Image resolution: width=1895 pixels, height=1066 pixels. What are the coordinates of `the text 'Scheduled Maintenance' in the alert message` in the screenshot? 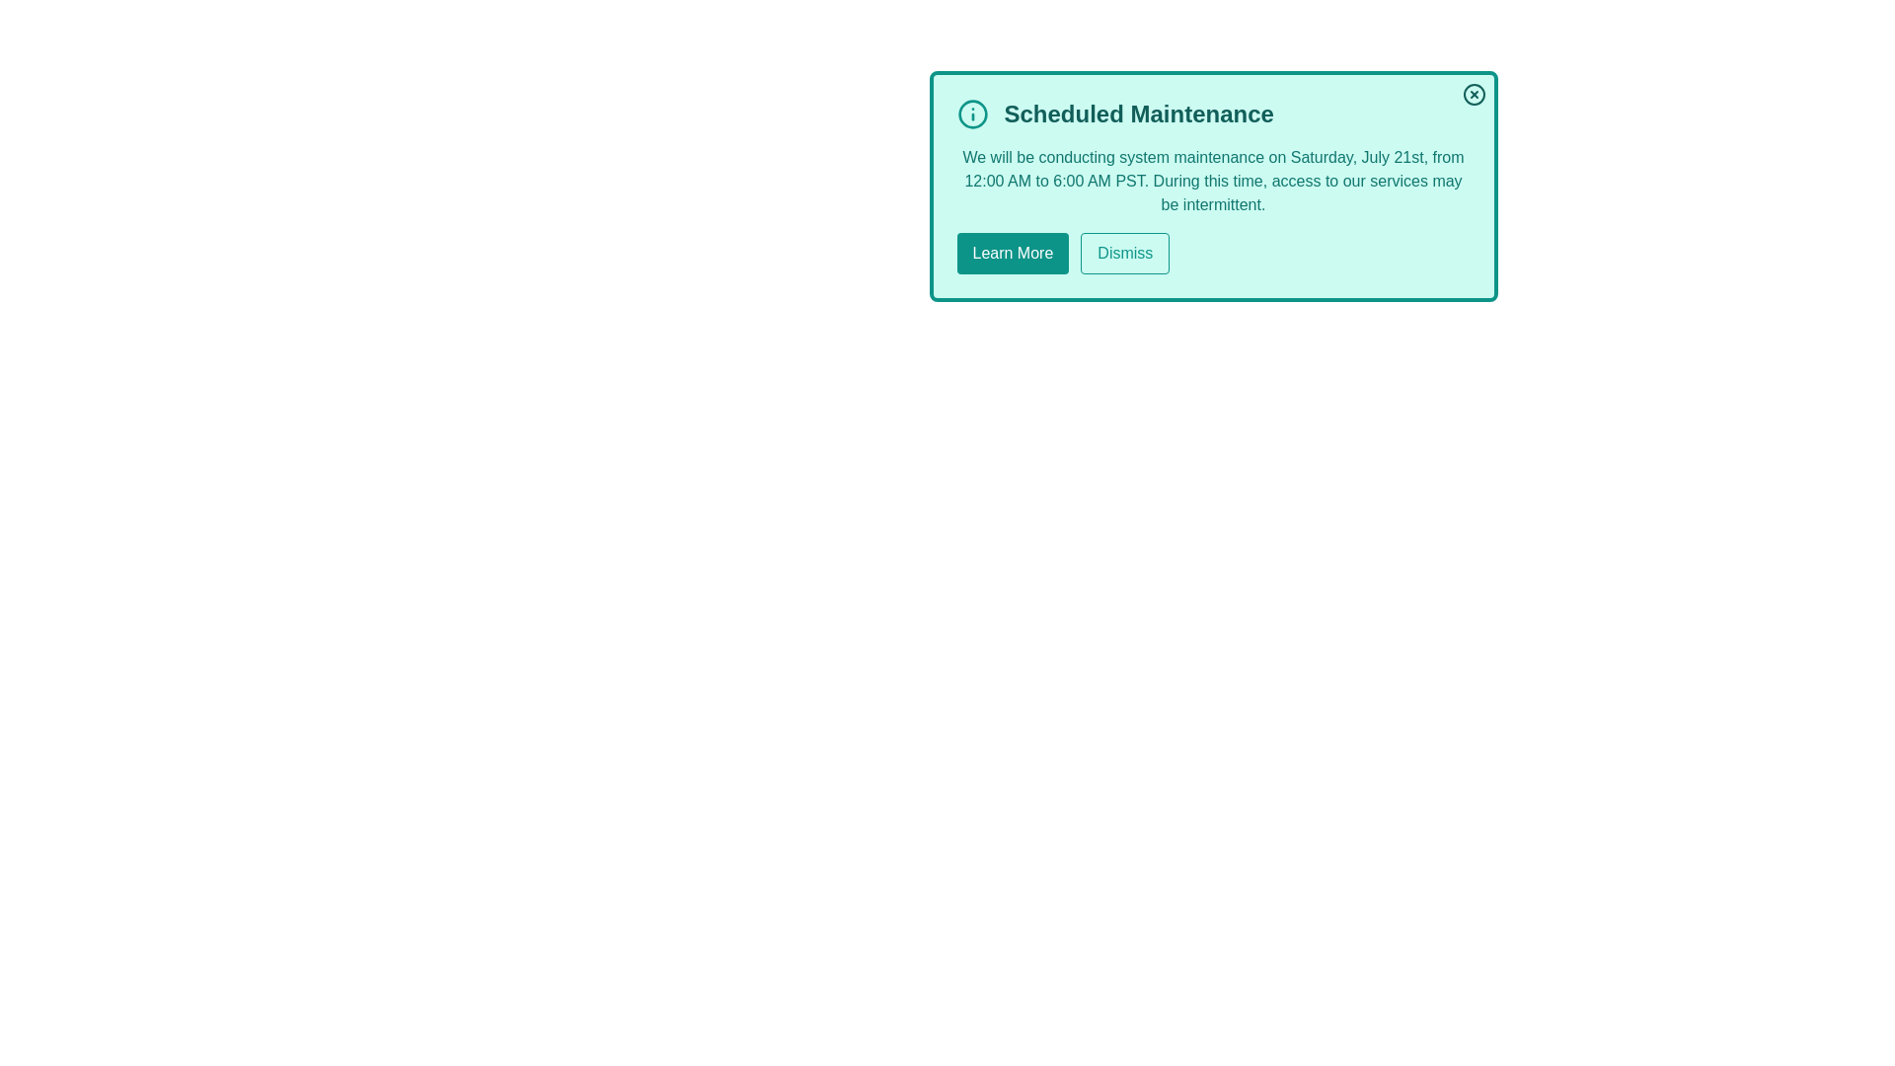 It's located at (1212, 114).